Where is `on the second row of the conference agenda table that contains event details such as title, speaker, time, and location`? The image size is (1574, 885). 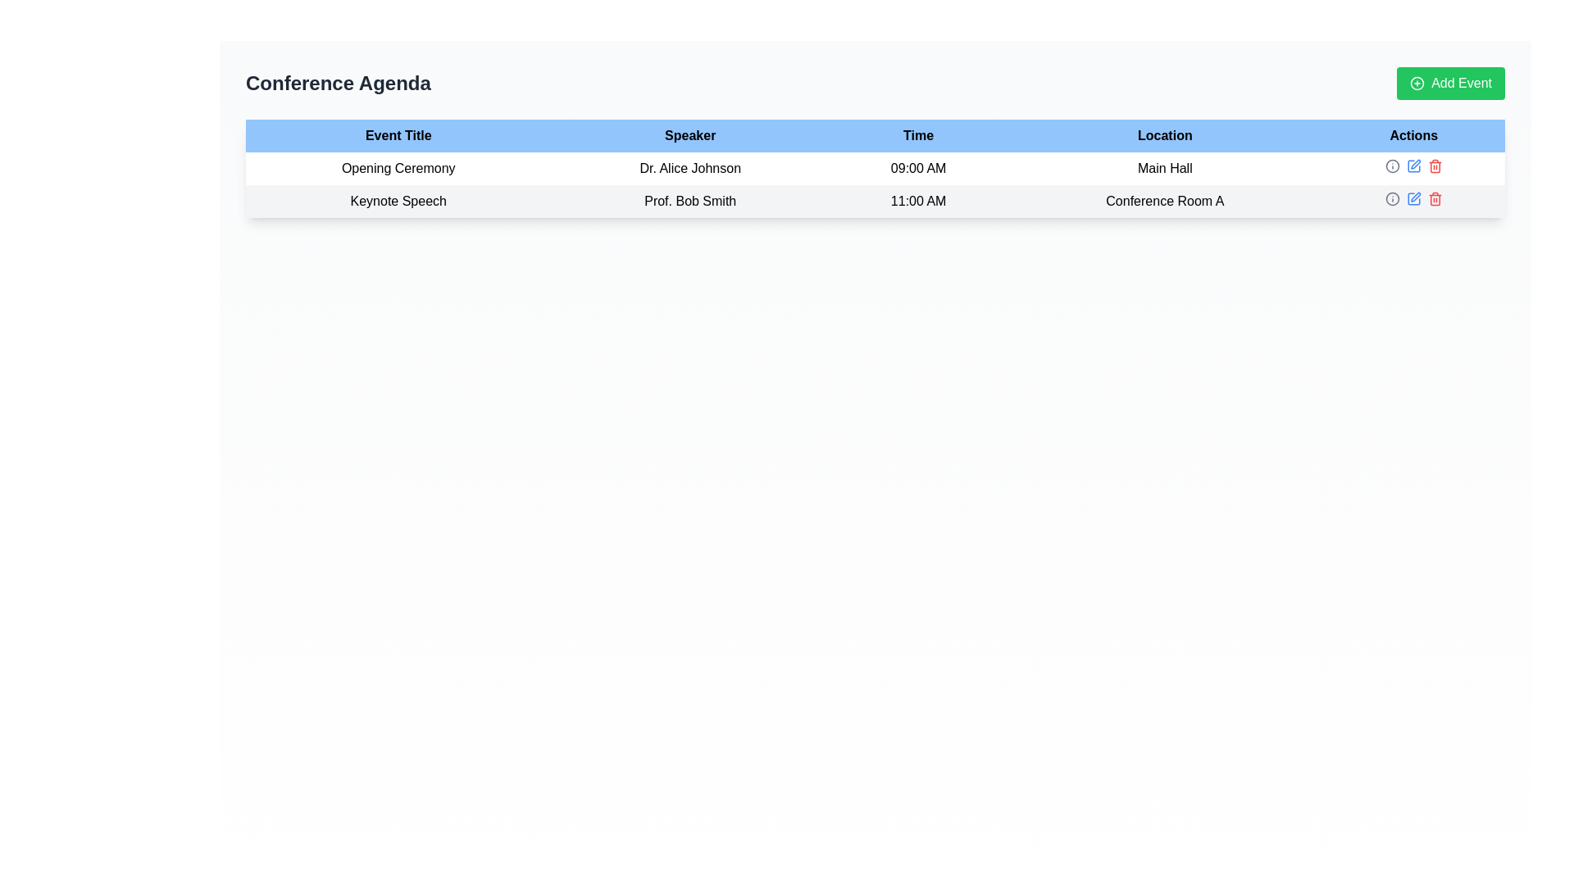
on the second row of the conference agenda table that contains event details such as title, speaker, time, and location is located at coordinates (875, 201).